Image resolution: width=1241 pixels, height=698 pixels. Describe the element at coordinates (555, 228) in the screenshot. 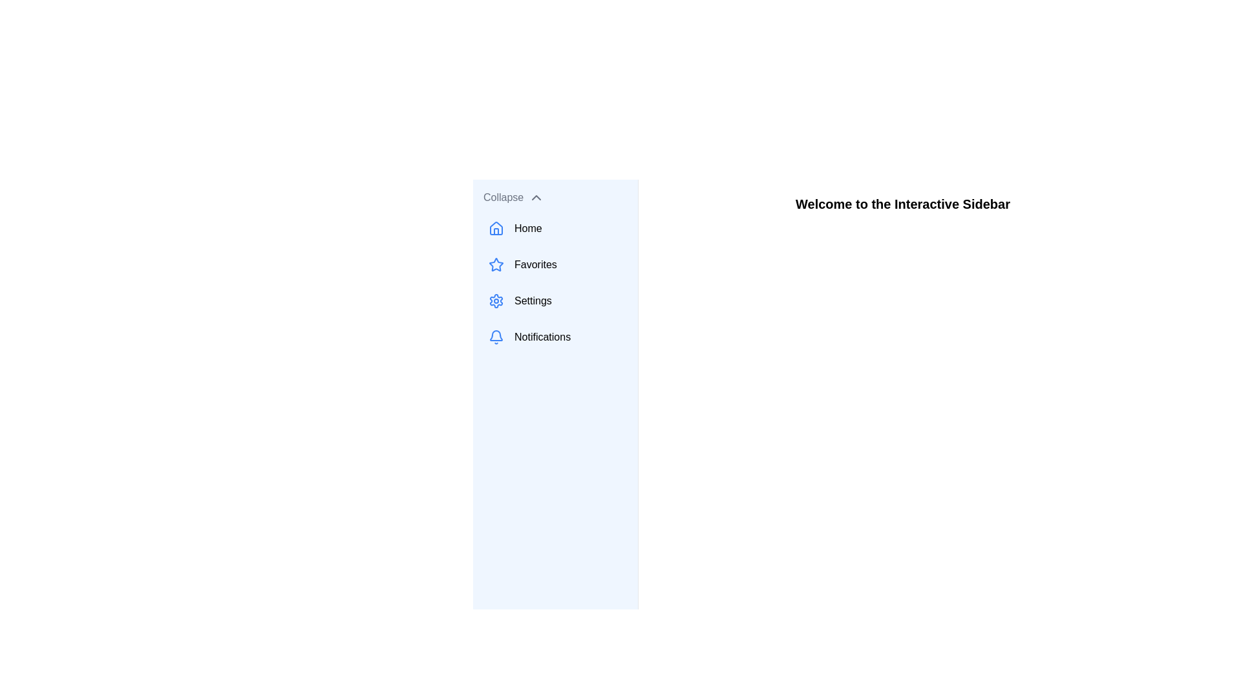

I see `the first navigation item labeled 'Home' in the sidebar under 'Collapse', which is positioned above 'Favorites', 'Settings', and 'Notifications'` at that location.